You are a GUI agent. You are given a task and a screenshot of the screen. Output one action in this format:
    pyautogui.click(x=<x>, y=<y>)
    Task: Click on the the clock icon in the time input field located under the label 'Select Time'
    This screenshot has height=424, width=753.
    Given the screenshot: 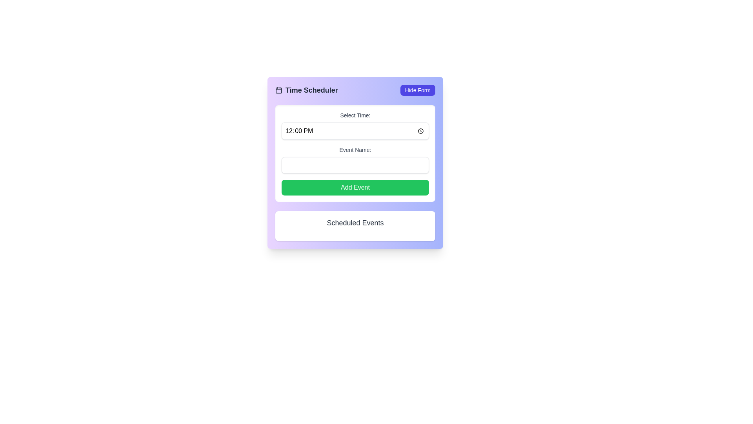 What is the action you would take?
    pyautogui.click(x=355, y=131)
    